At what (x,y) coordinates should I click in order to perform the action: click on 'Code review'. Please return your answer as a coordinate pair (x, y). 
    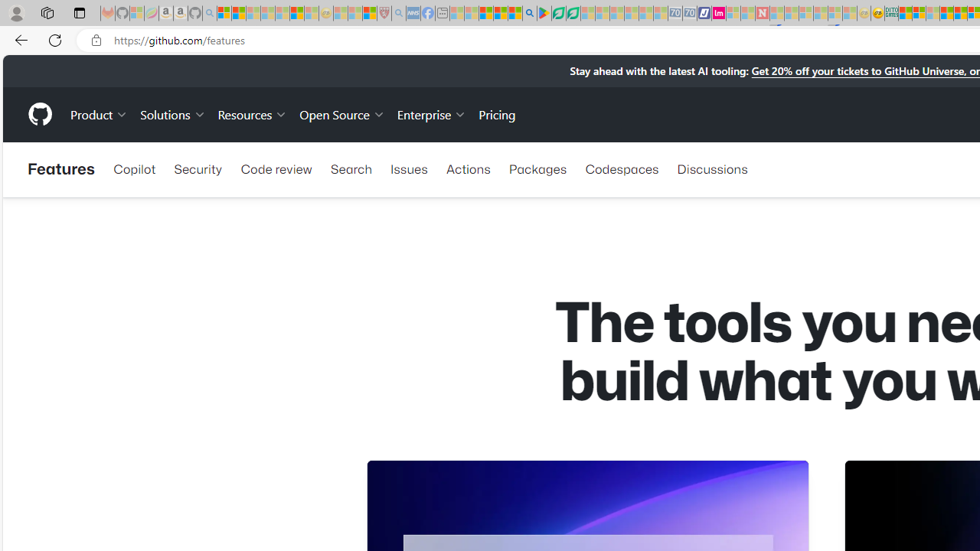
    Looking at the image, I should click on (276, 169).